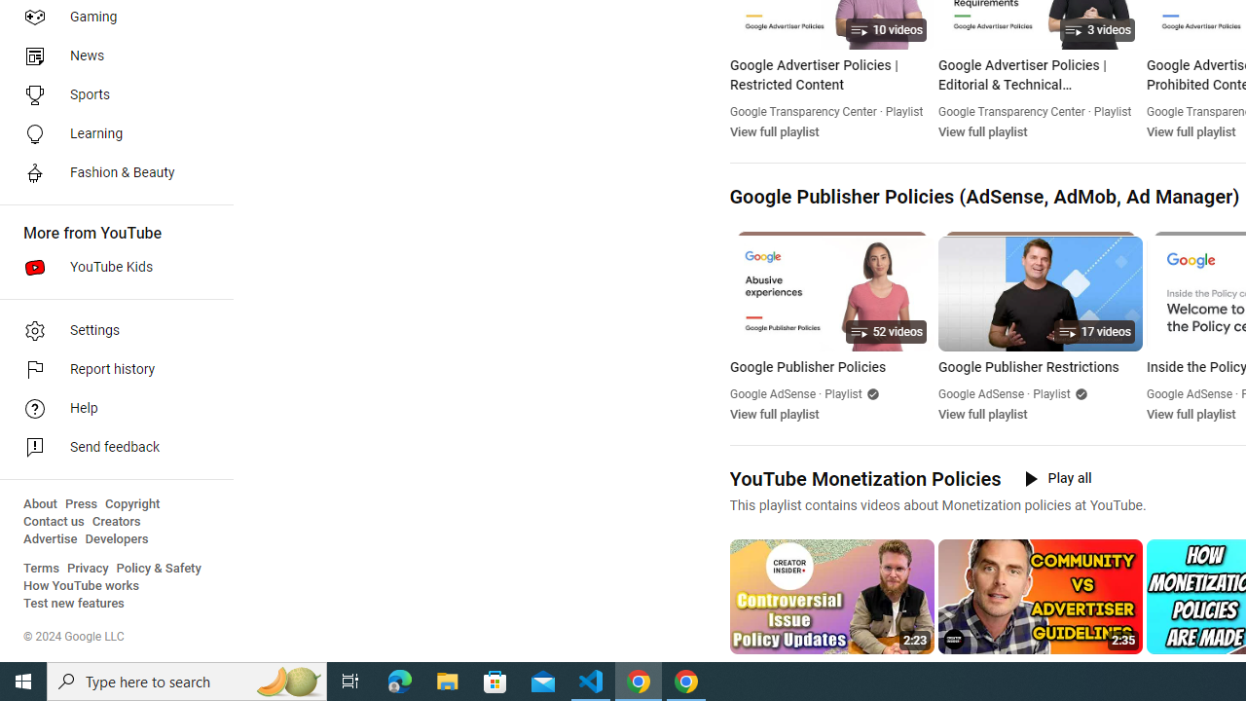  What do you see at coordinates (159, 569) in the screenshot?
I see `'Policy & Safety'` at bounding box center [159, 569].